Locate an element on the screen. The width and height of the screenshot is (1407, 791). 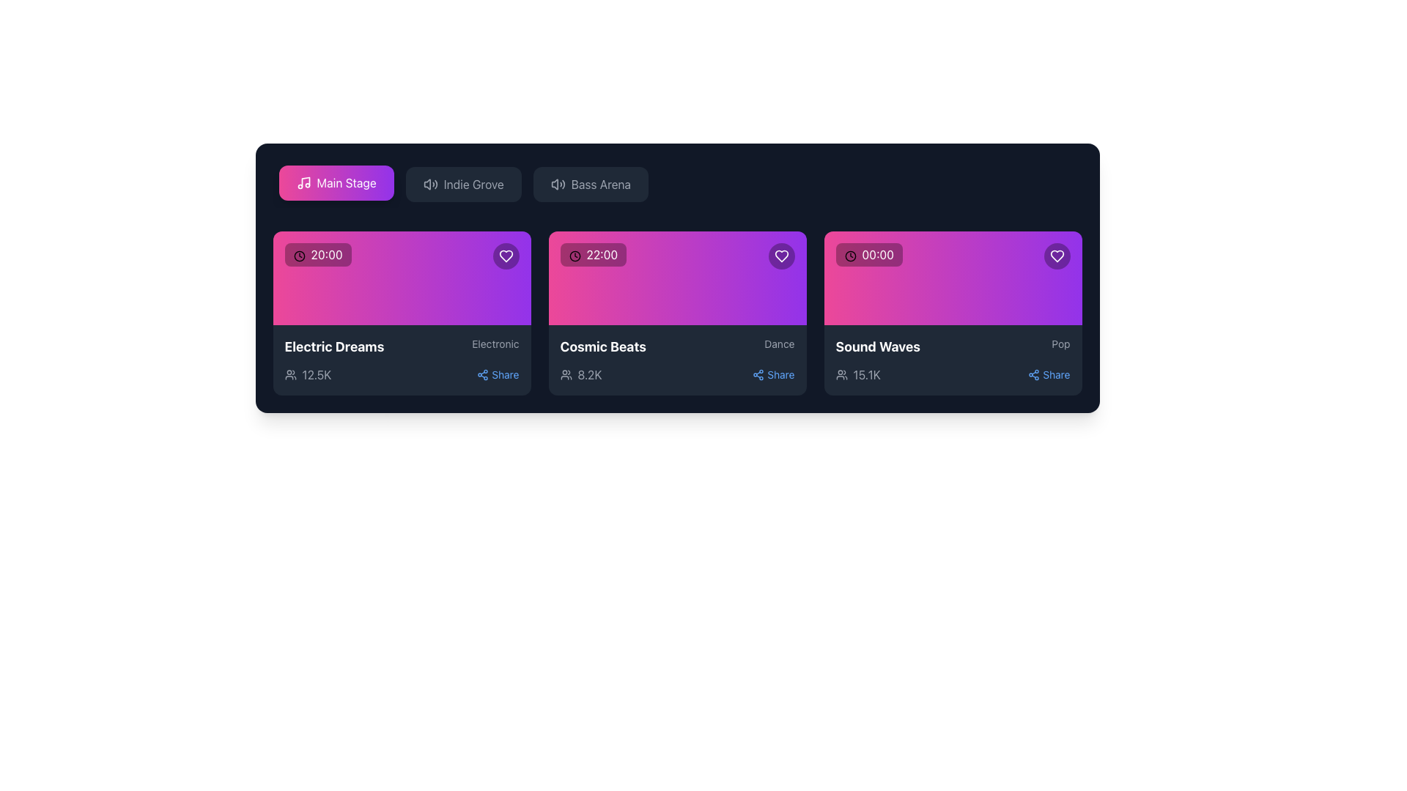
numeric value displayed in the text label '12.5K' located in the bottom-left section of the 'Electric Dreams' card, adjacent to the user/group icon is located at coordinates (316, 374).